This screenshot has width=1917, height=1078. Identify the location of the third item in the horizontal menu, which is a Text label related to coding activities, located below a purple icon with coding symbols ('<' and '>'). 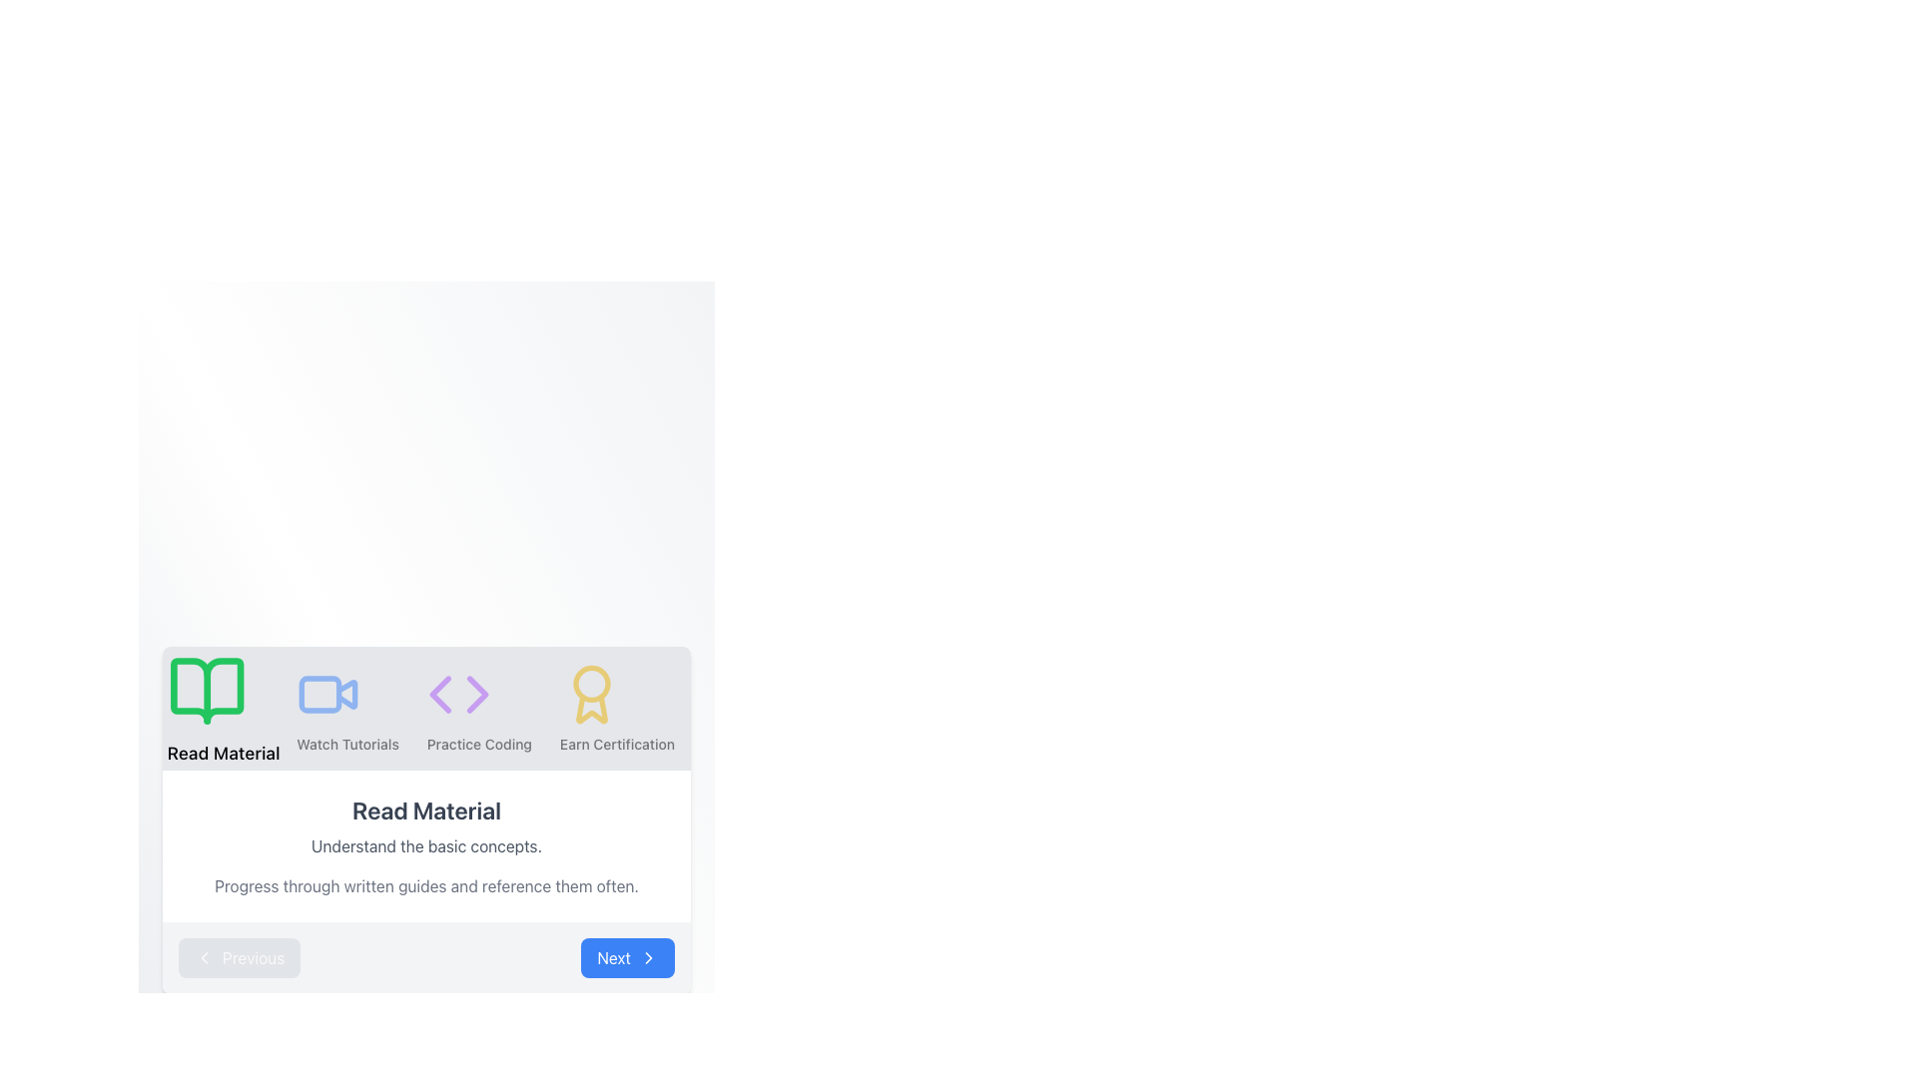
(479, 744).